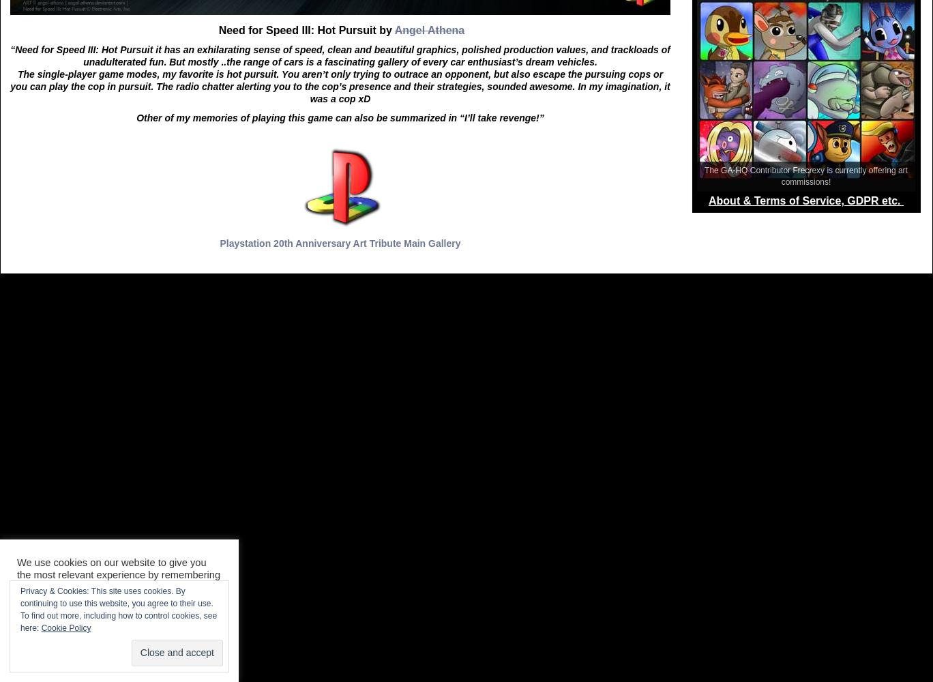 This screenshot has height=682, width=933. What do you see at coordinates (805, 201) in the screenshot?
I see `'About & Terms of Service, GDPR etc.'` at bounding box center [805, 201].